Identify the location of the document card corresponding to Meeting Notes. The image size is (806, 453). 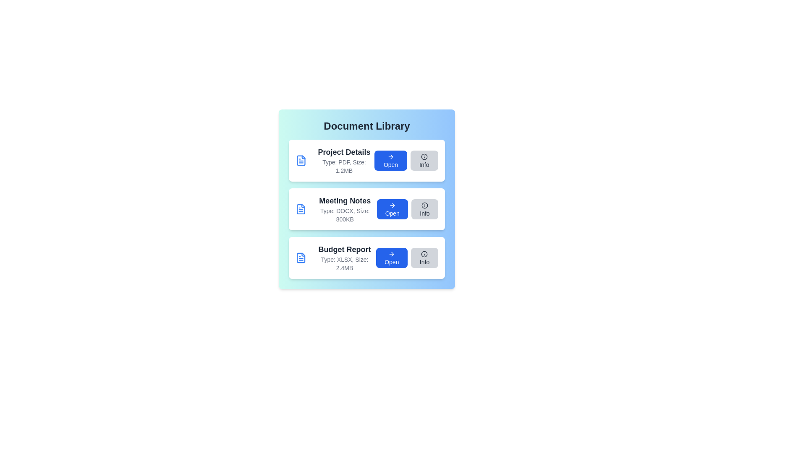
(366, 208).